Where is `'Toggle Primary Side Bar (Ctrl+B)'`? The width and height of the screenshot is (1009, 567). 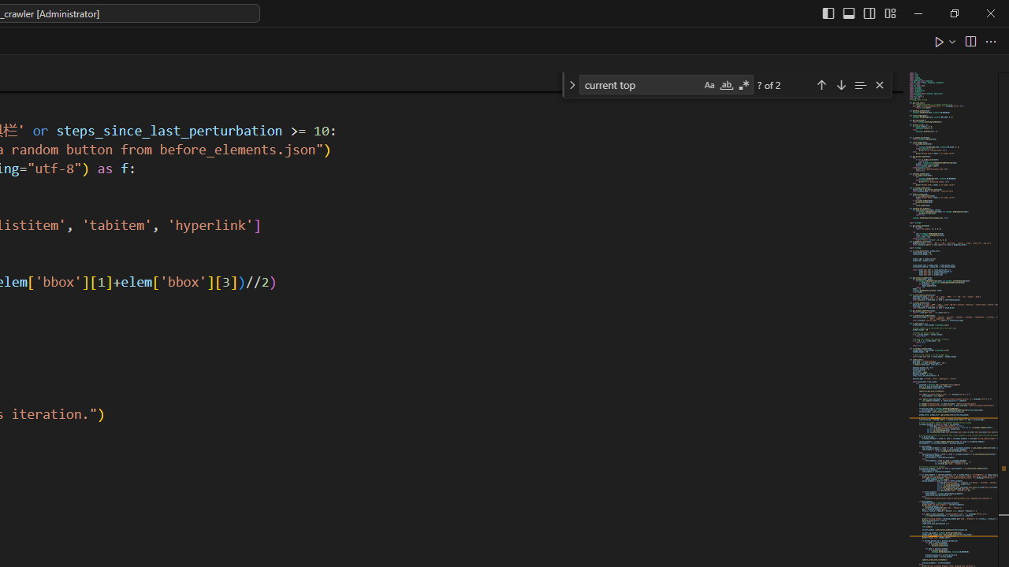
'Toggle Primary Side Bar (Ctrl+B)' is located at coordinates (827, 13).